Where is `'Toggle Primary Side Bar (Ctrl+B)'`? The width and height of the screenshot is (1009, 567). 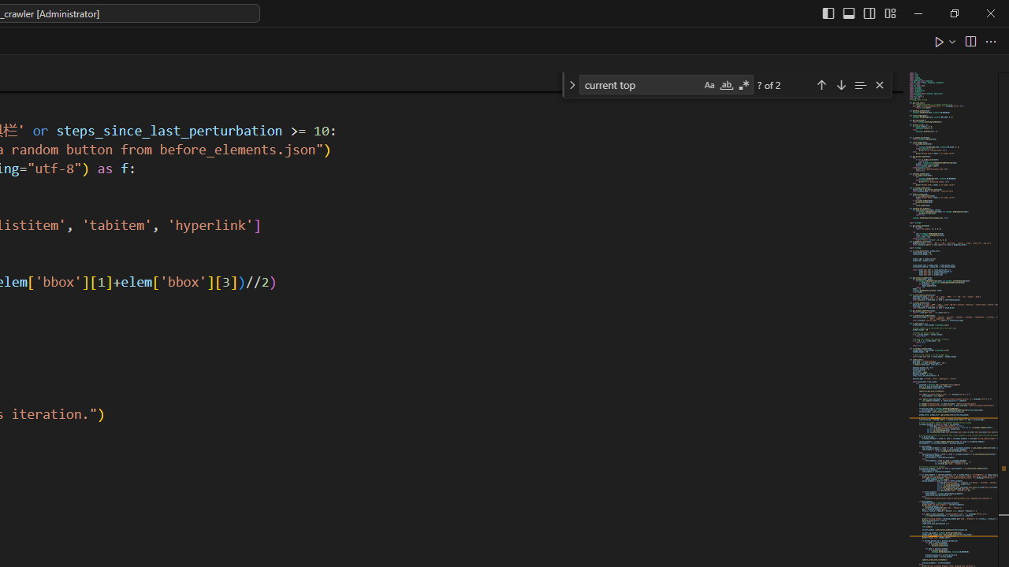
'Toggle Primary Side Bar (Ctrl+B)' is located at coordinates (827, 13).